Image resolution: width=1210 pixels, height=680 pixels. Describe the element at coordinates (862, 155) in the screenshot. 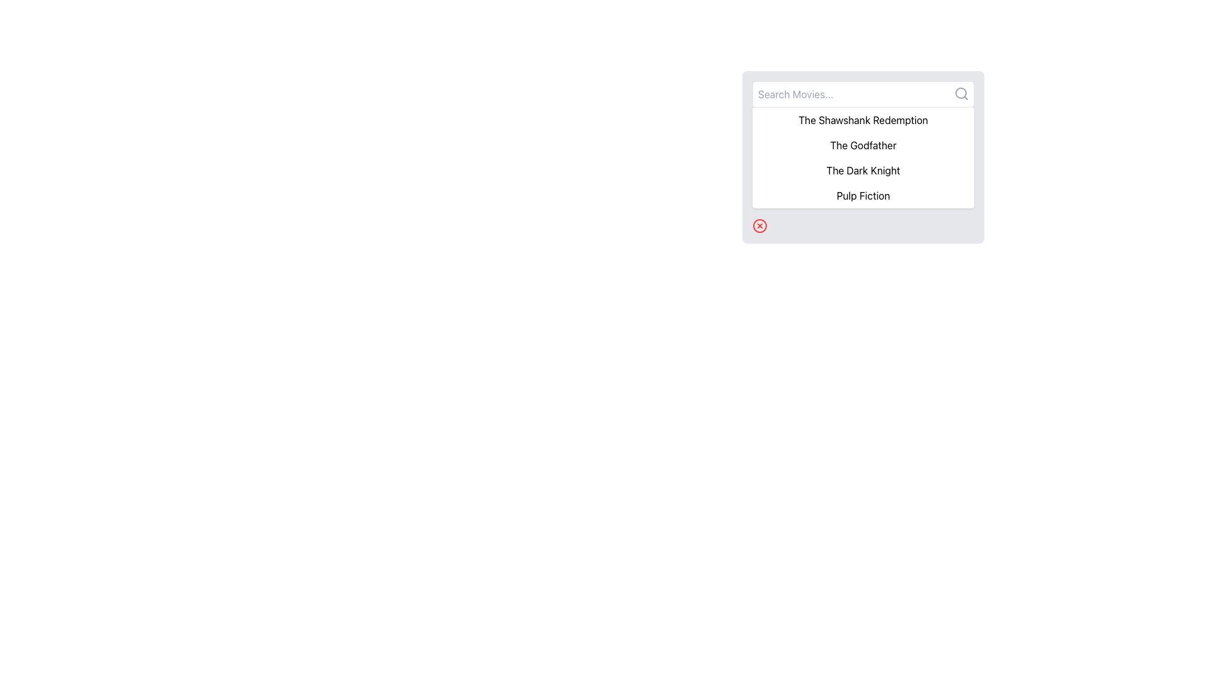

I see `to select the second movie title in the list, which is positioned directly below 'The Shawshank Redemption' and above 'The Dark Knight'` at that location.